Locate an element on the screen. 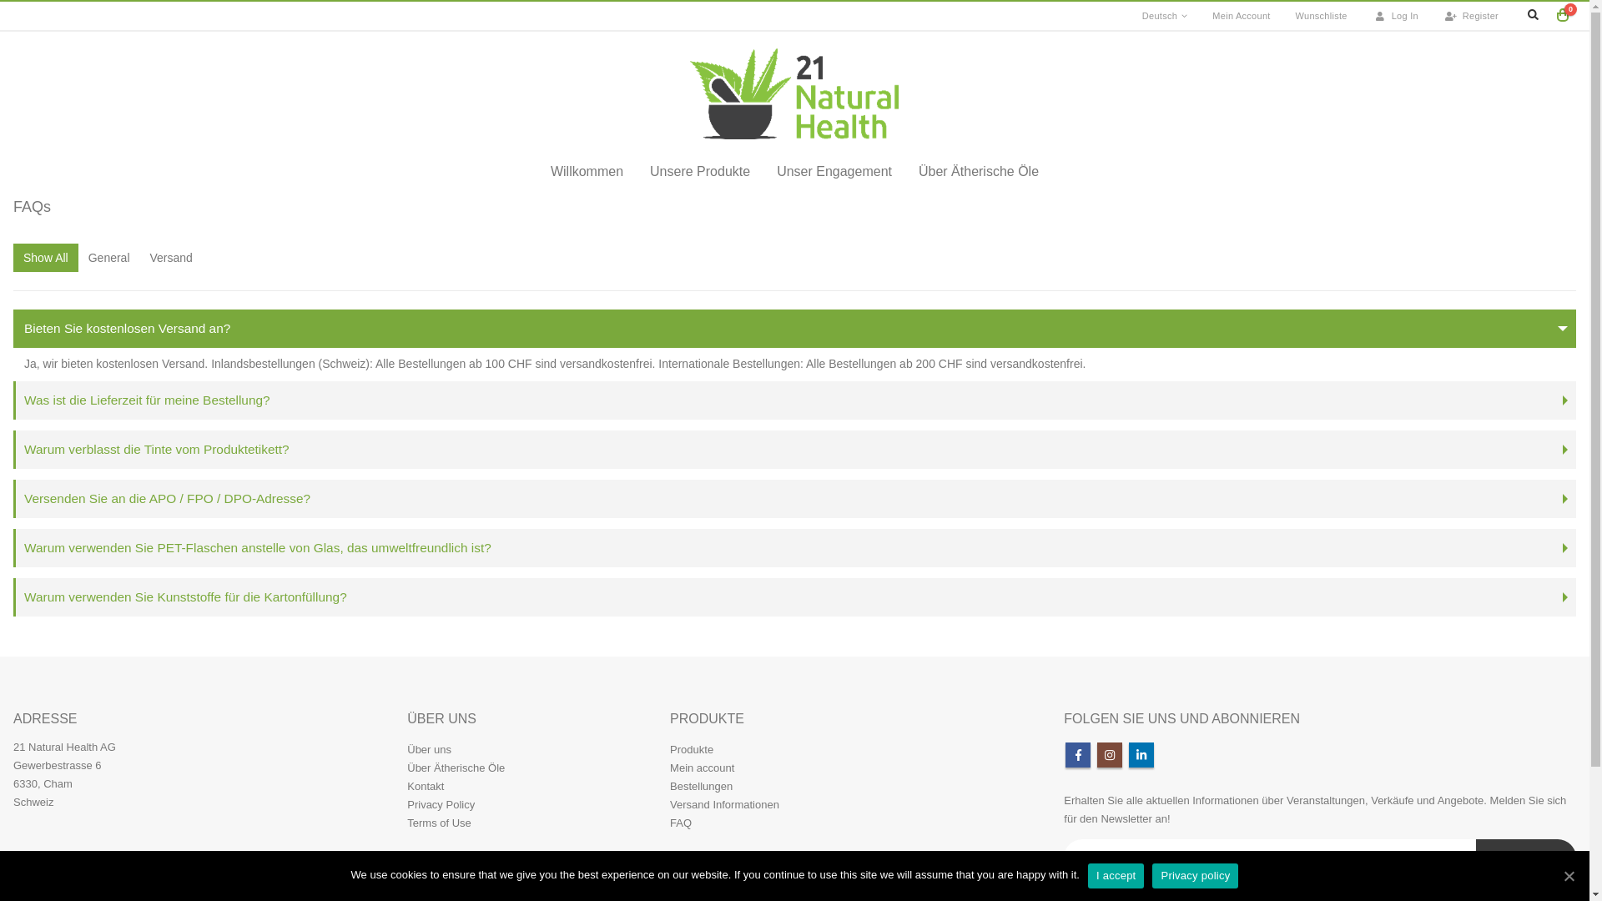 This screenshot has width=1602, height=901. 'Log In' is located at coordinates (1395, 16).